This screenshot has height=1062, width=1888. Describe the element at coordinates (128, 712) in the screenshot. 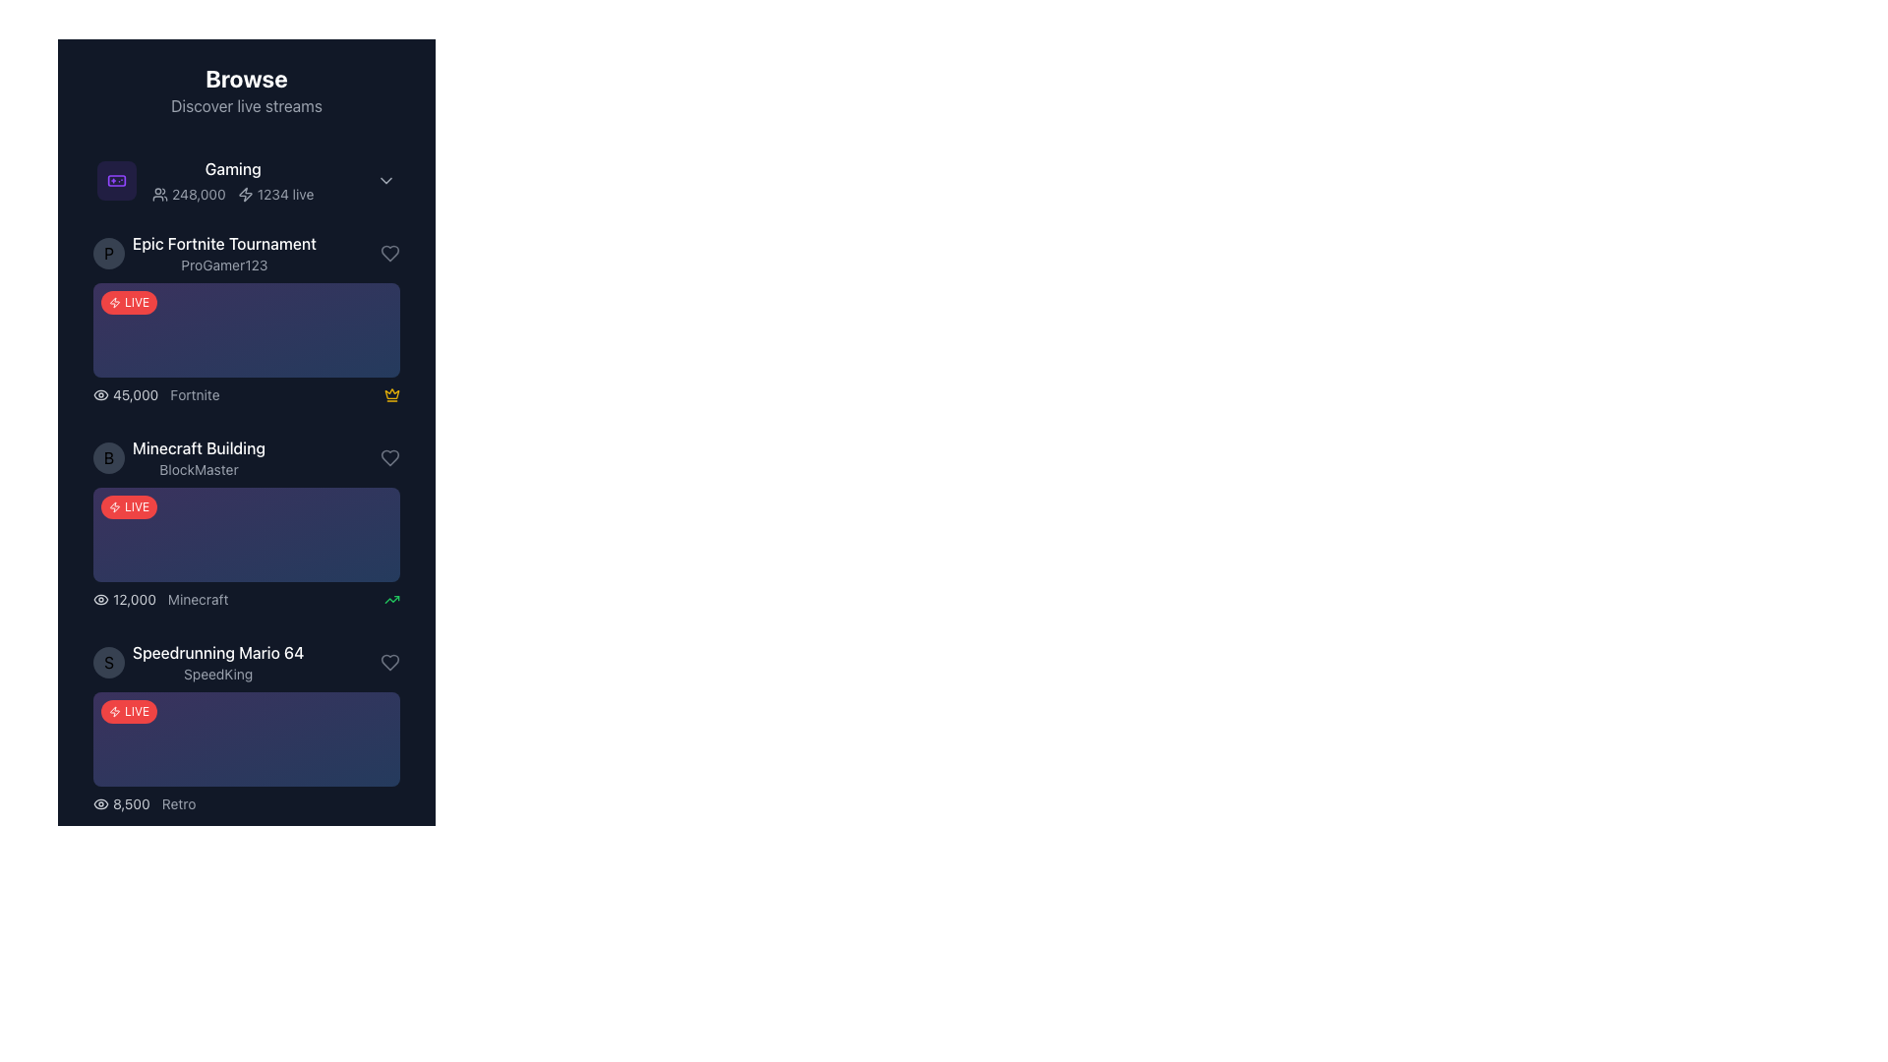

I see `the 'LIVE' badge, which is a red rounded rectangle with white uppercase text and a lightning bolt icon, located at the top-left corner of the card` at that location.